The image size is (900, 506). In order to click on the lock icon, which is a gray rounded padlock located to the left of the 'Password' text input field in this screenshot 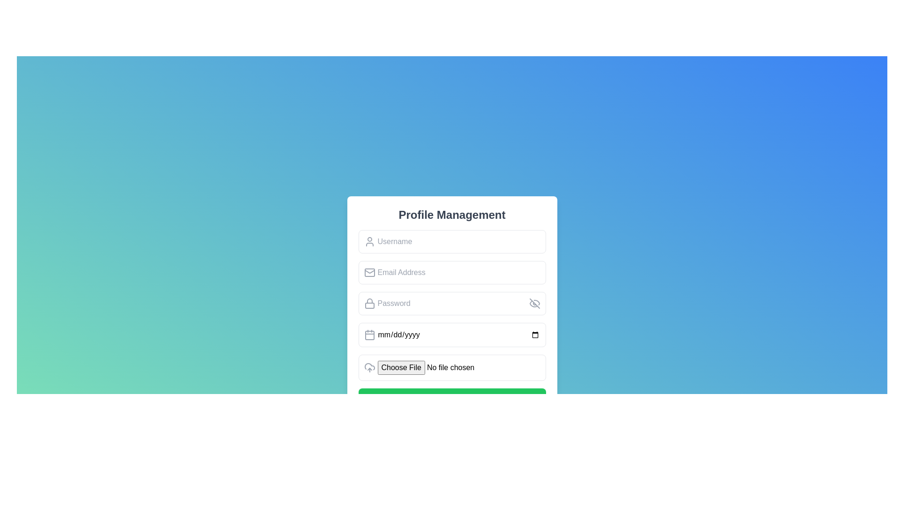, I will do `click(369, 304)`.